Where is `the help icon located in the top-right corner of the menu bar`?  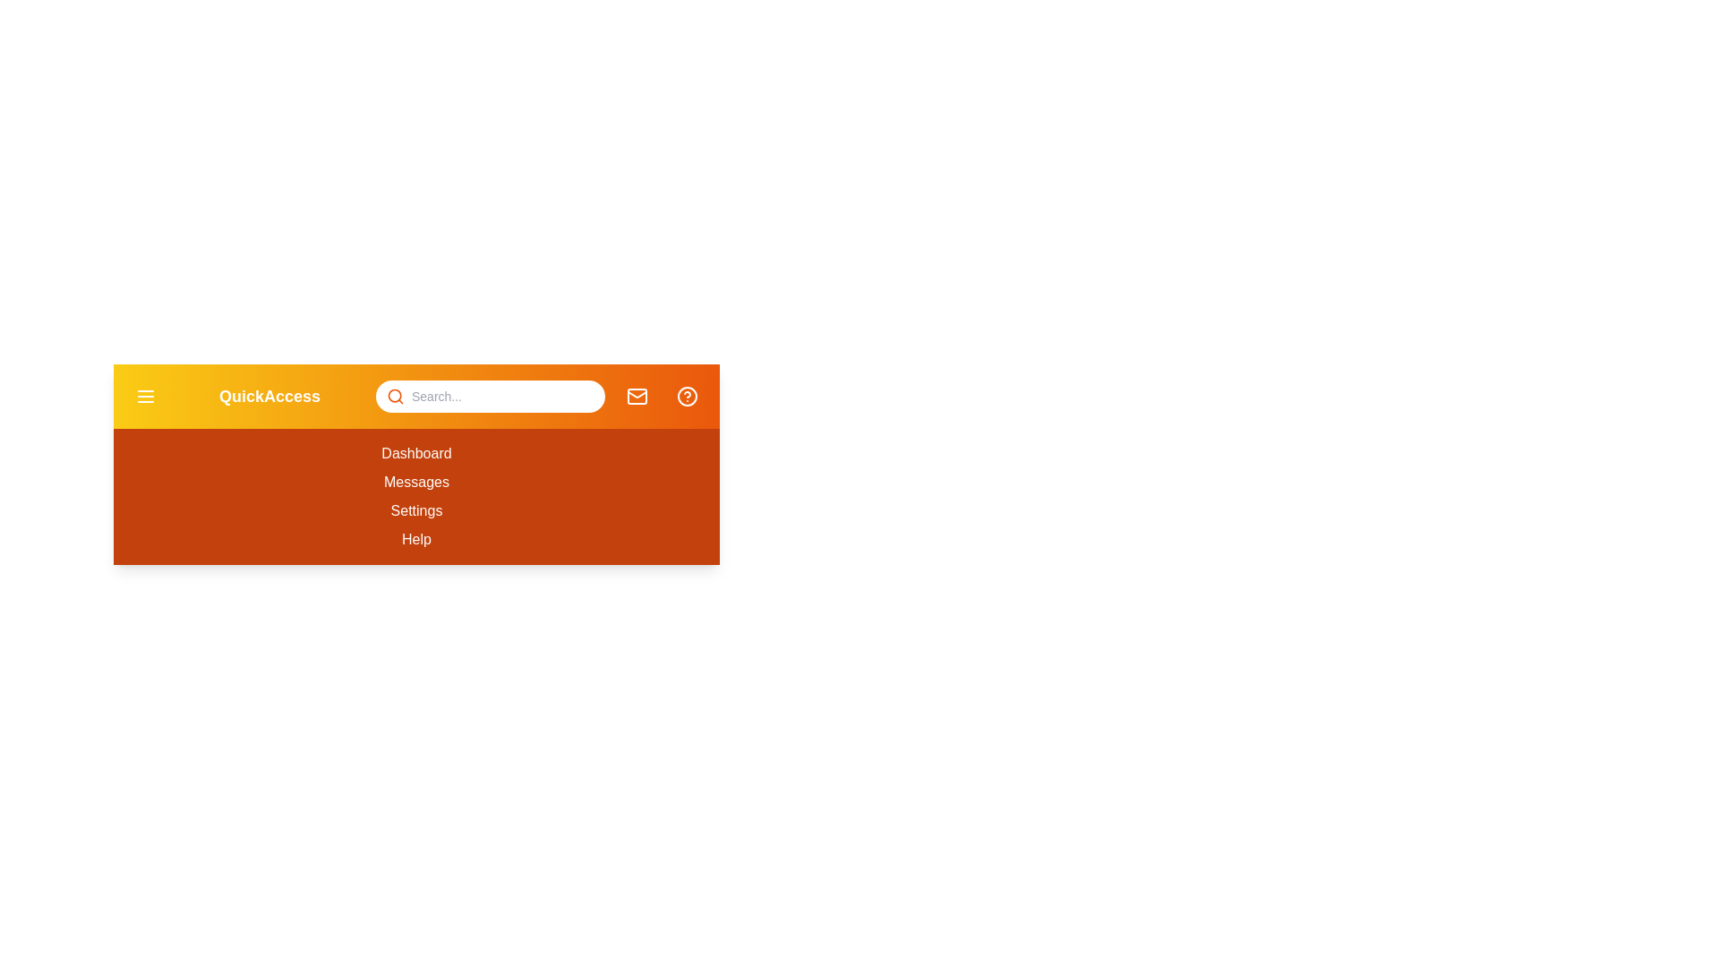
the help icon located in the top-right corner of the menu bar is located at coordinates (687, 396).